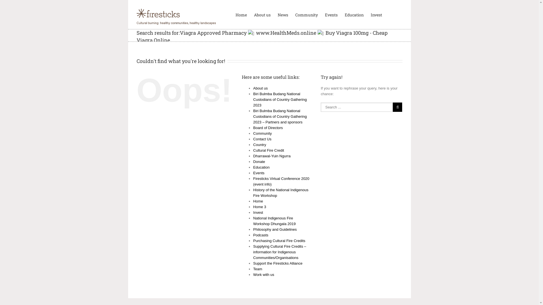  What do you see at coordinates (253, 162) in the screenshot?
I see `'Donate'` at bounding box center [253, 162].